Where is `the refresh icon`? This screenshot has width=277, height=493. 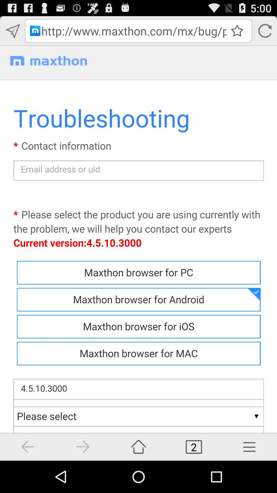
the refresh icon is located at coordinates (264, 33).